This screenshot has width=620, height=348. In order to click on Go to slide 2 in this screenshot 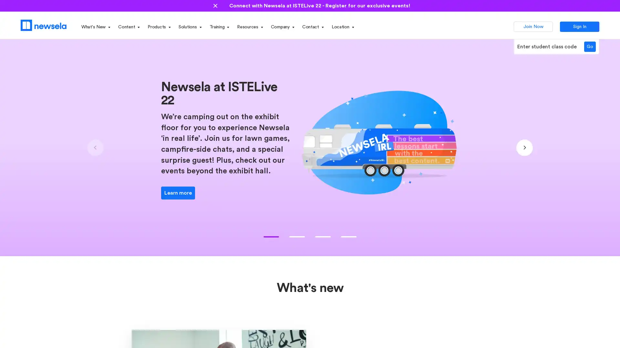, I will do `click(323, 237)`.